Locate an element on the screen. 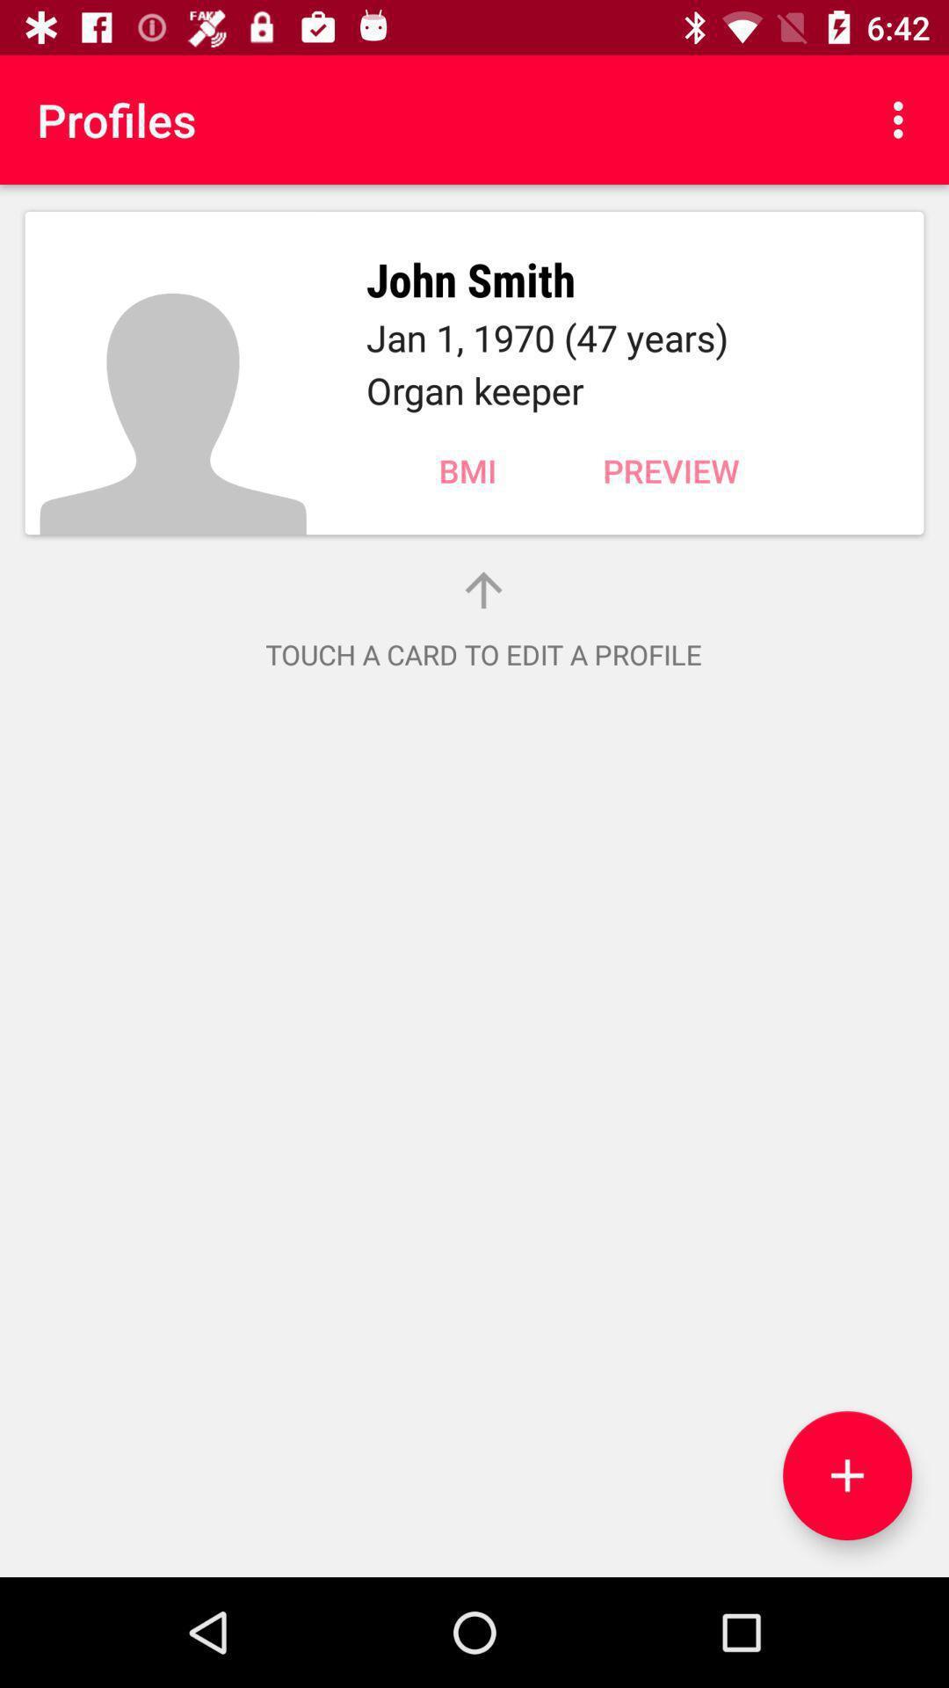 The height and width of the screenshot is (1688, 949). item next to the preview item is located at coordinates (467, 470).